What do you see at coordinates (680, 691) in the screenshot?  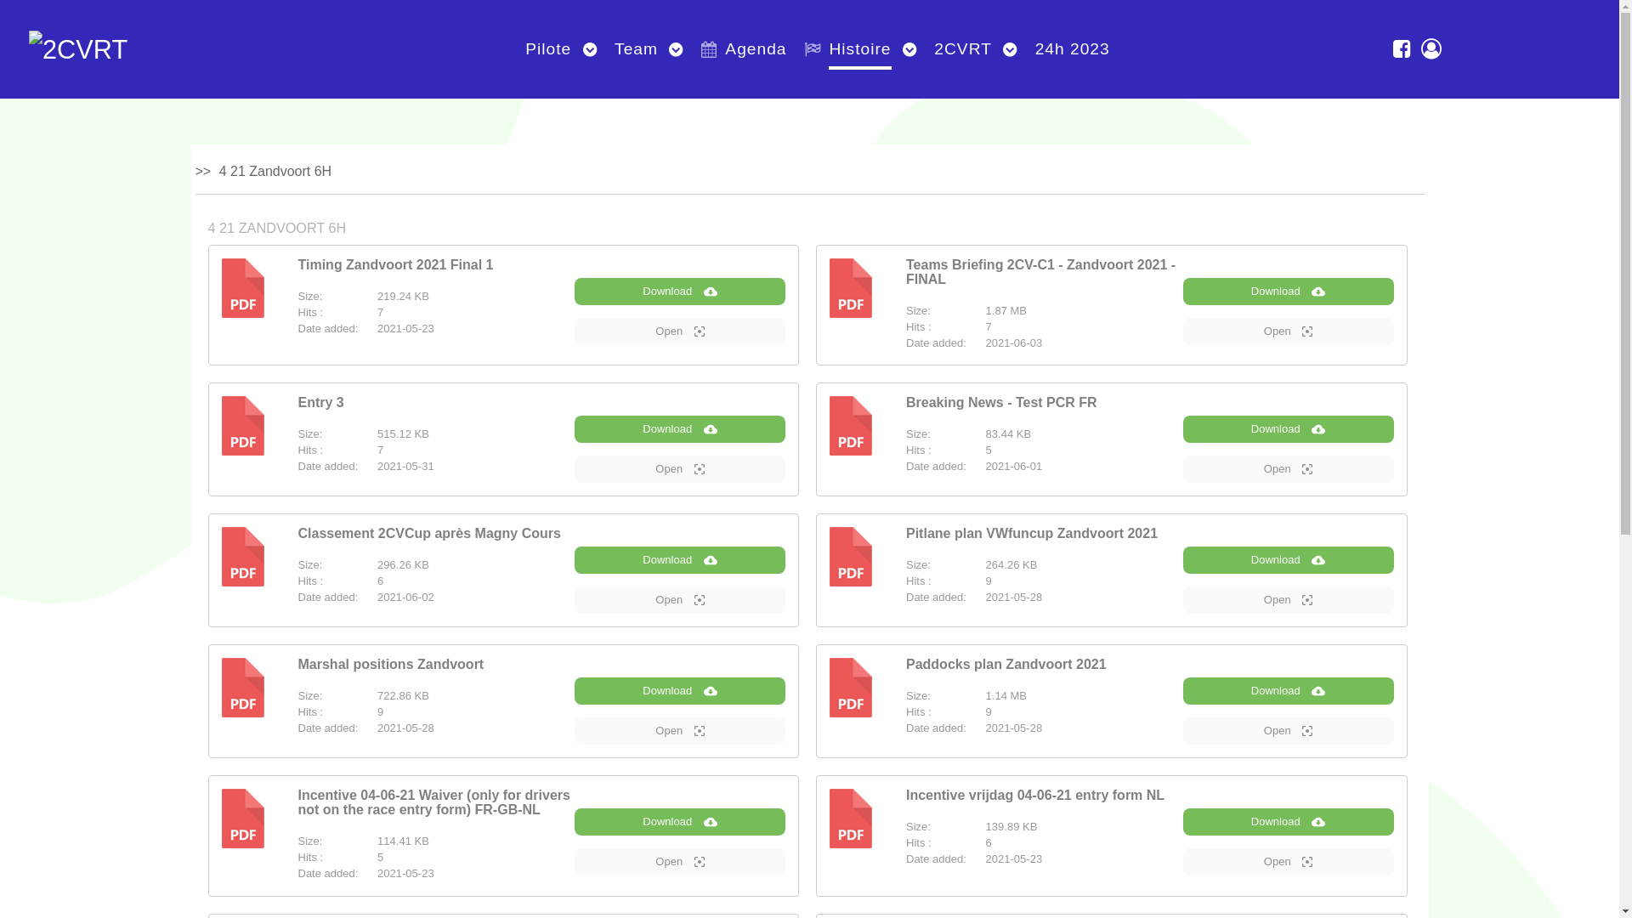 I see `'Download'` at bounding box center [680, 691].